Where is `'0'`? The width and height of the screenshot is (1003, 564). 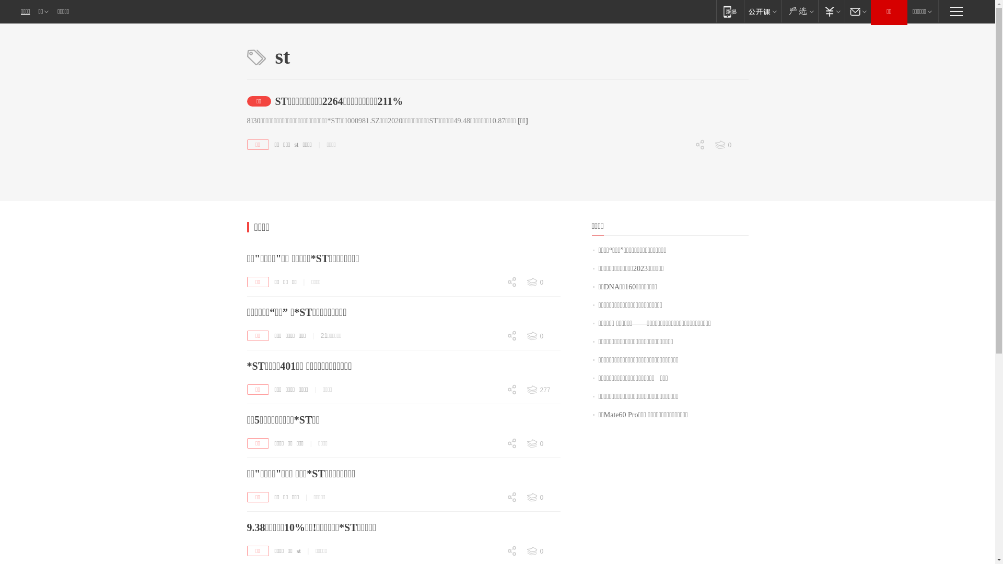
'0' is located at coordinates (714, 145).